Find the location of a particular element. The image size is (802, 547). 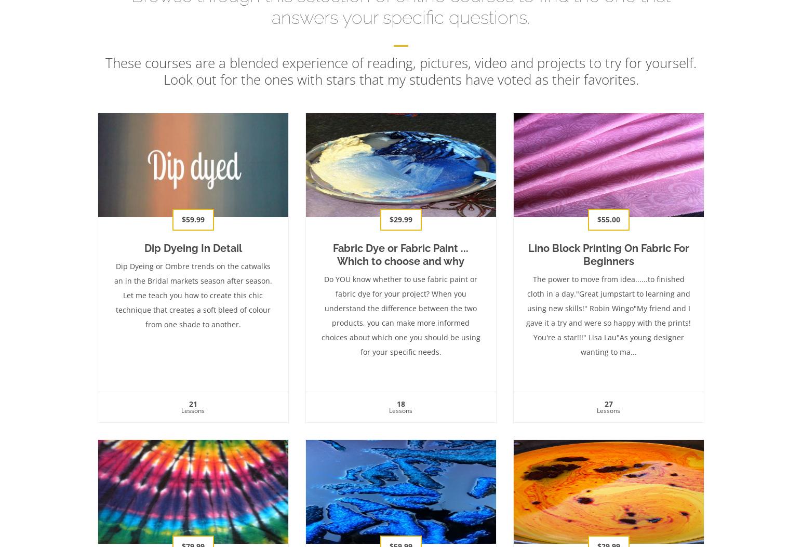

'Dip Dyeing or Ombre trends on the catwalks an in the Bridal markets season after season. Let me teach you how to create this chic technique that creates a soft bleed of colour from one shade to another.' is located at coordinates (193, 294).